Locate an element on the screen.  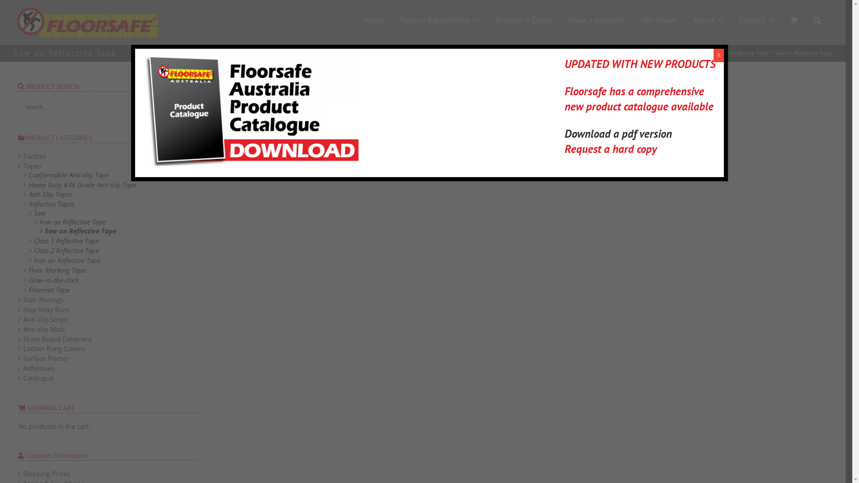
'Search' is located at coordinates (817, 20).